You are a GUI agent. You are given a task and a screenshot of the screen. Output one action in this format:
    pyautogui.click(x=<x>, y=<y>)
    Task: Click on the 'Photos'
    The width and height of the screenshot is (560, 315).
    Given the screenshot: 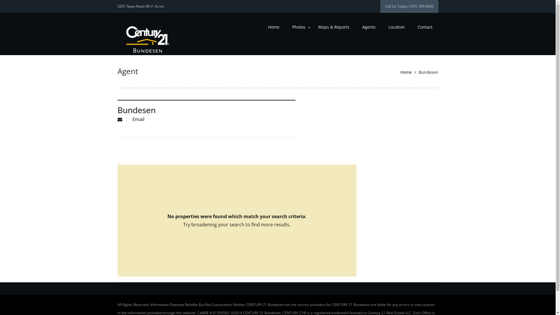 What is the action you would take?
    pyautogui.click(x=286, y=27)
    